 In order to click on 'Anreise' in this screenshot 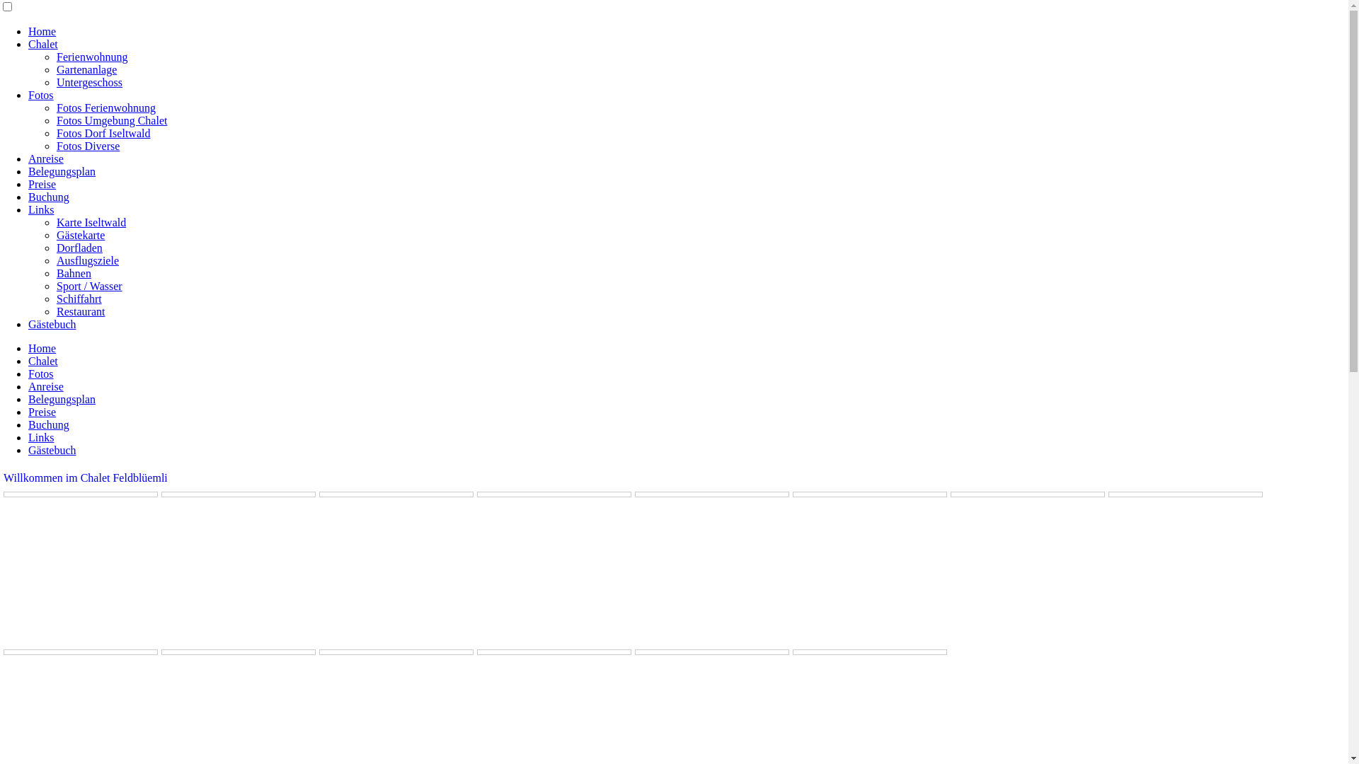, I will do `click(28, 386)`.